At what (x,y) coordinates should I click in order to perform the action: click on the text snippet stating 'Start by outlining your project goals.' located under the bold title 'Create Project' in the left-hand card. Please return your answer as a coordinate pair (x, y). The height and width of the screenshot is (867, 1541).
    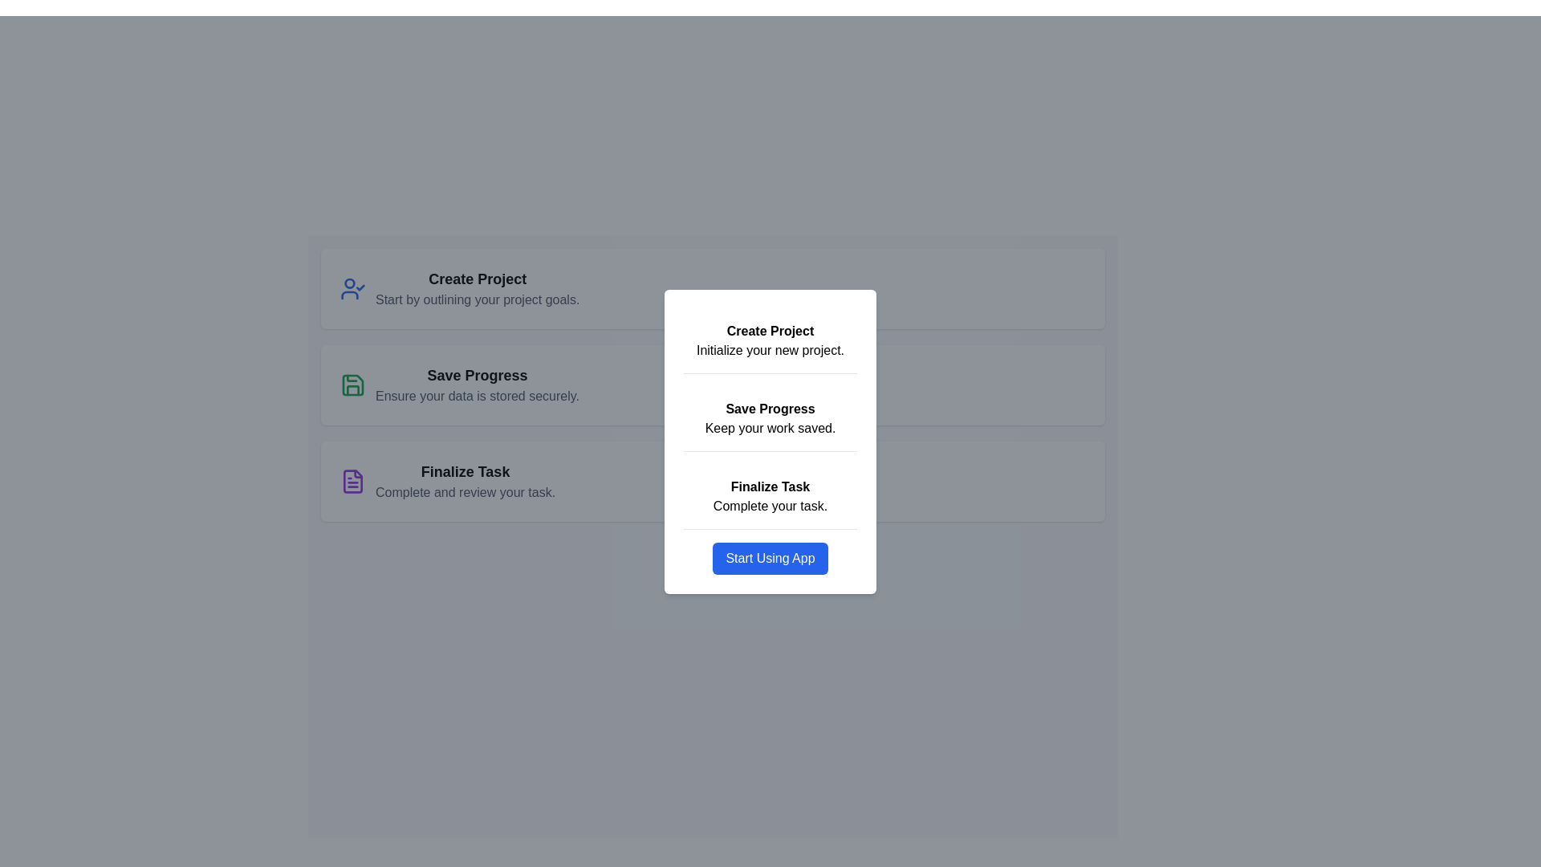
    Looking at the image, I should click on (477, 300).